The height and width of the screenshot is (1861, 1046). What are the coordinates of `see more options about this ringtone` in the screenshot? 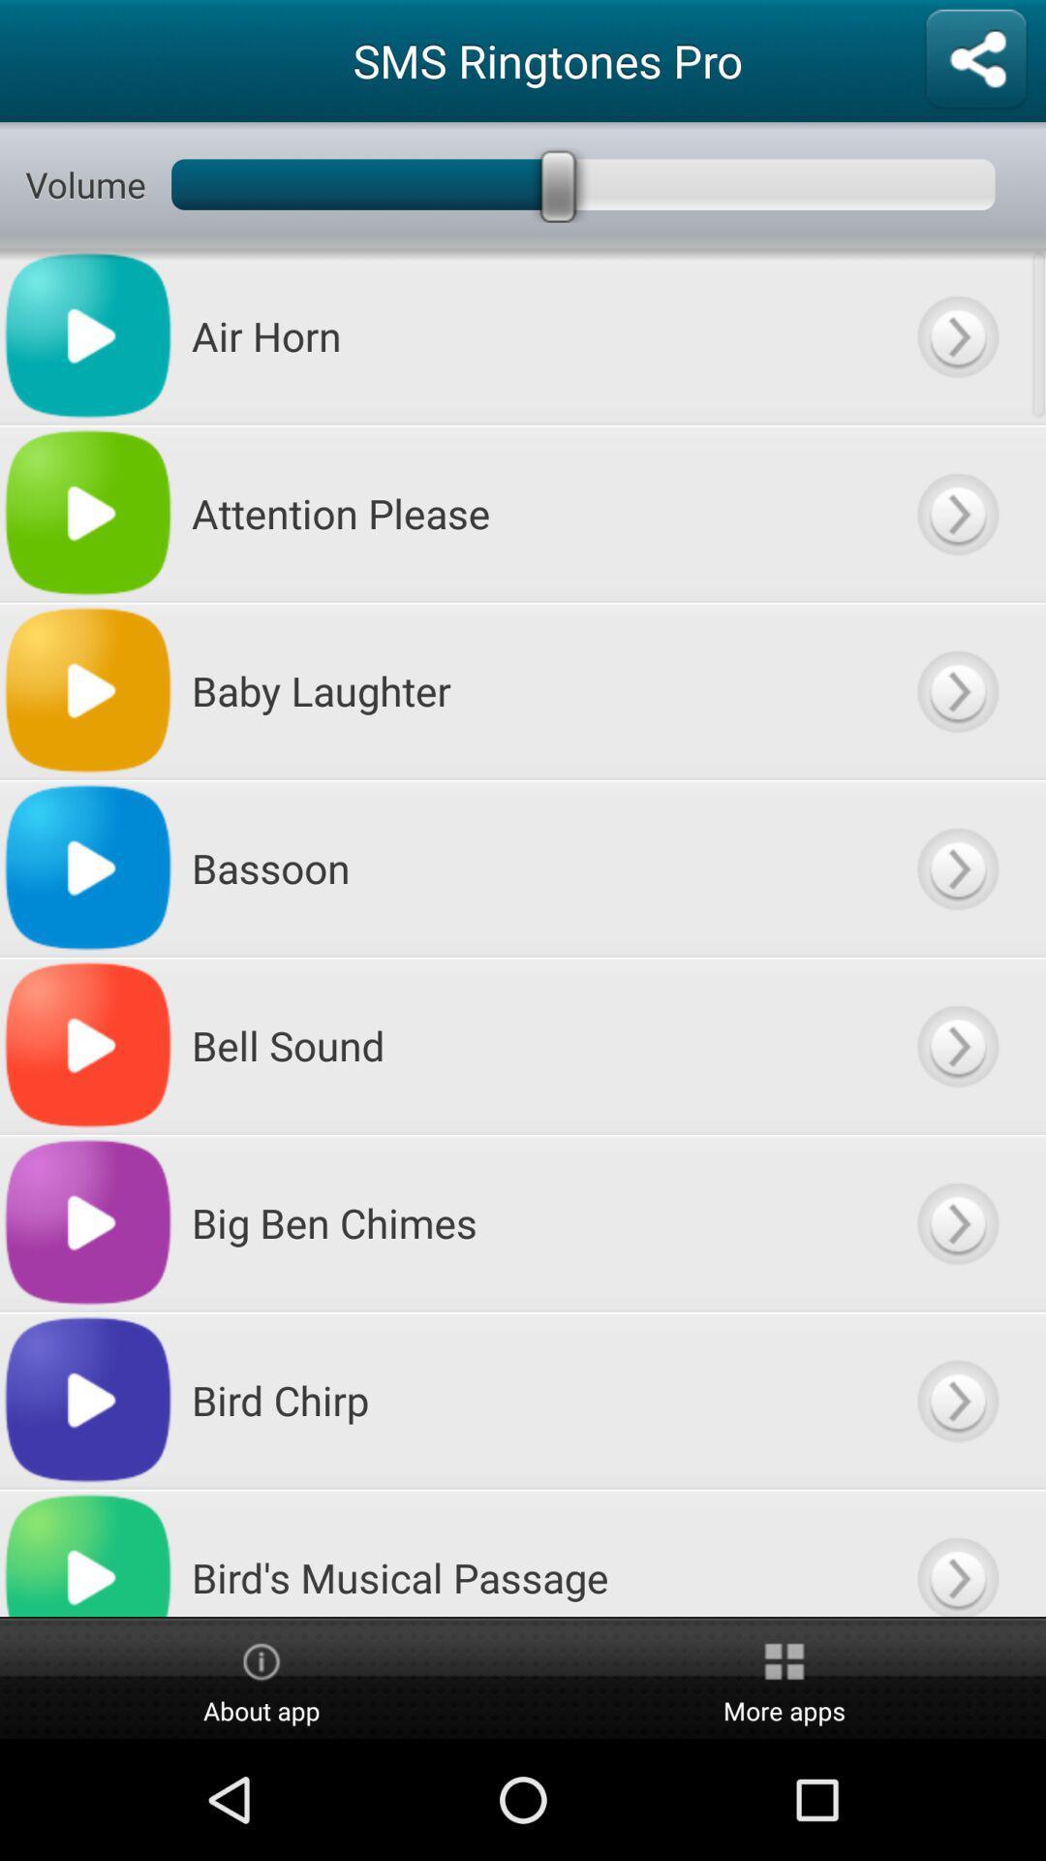 It's located at (956, 1400).